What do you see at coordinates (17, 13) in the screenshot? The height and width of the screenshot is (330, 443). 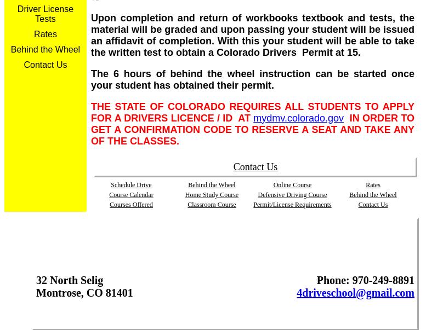 I see `'Driver License Tests'` at bounding box center [17, 13].